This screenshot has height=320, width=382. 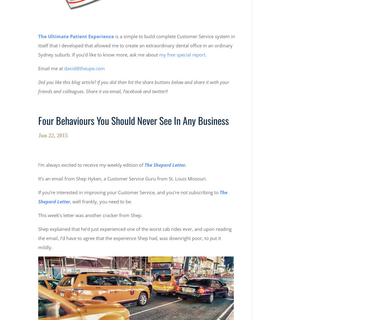 I want to click on 'Email me at', so click(x=51, y=68).